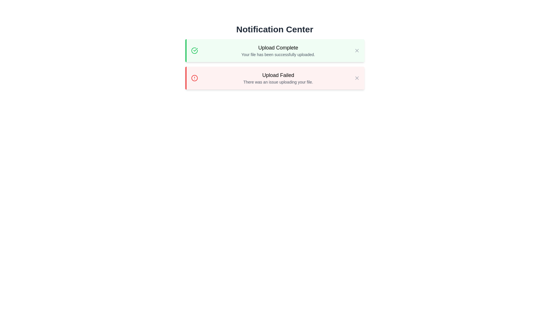 This screenshot has height=309, width=551. I want to click on the Close button in the top-right corner of the 'Upload Failed' notification, so click(356, 78).